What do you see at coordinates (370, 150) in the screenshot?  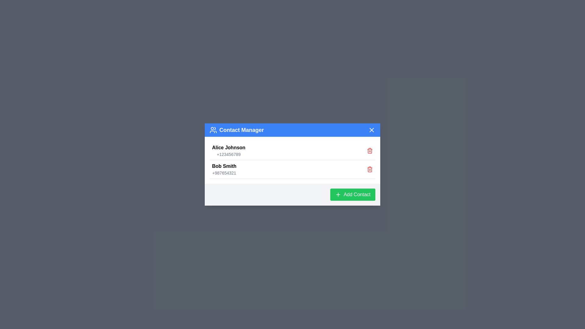 I see `the delete icon next to the contact named Alice Johnson` at bounding box center [370, 150].